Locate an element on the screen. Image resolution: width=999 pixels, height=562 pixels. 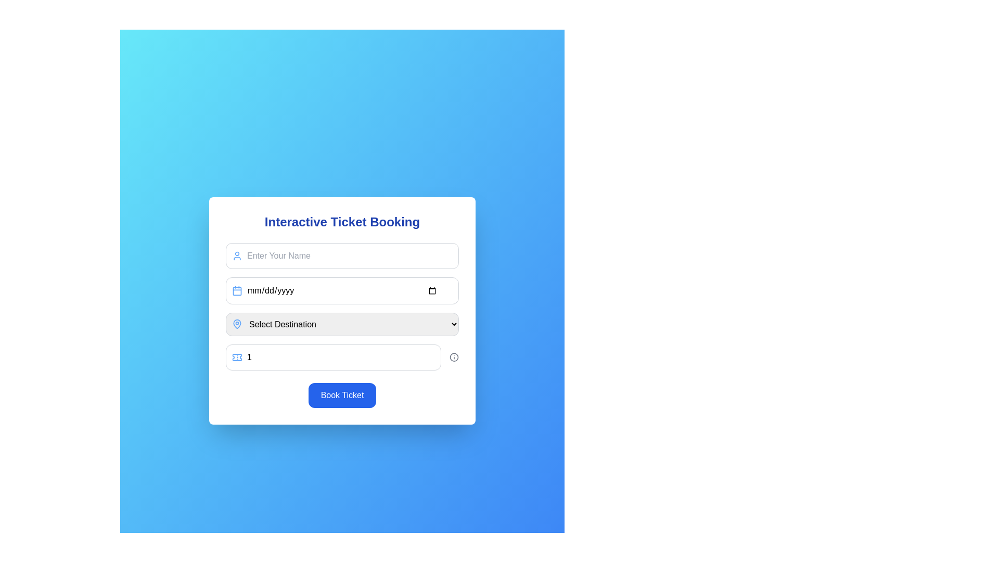
an option from the dropdown menu located below the date input field and above the numerical input field within the form is located at coordinates (342, 324).